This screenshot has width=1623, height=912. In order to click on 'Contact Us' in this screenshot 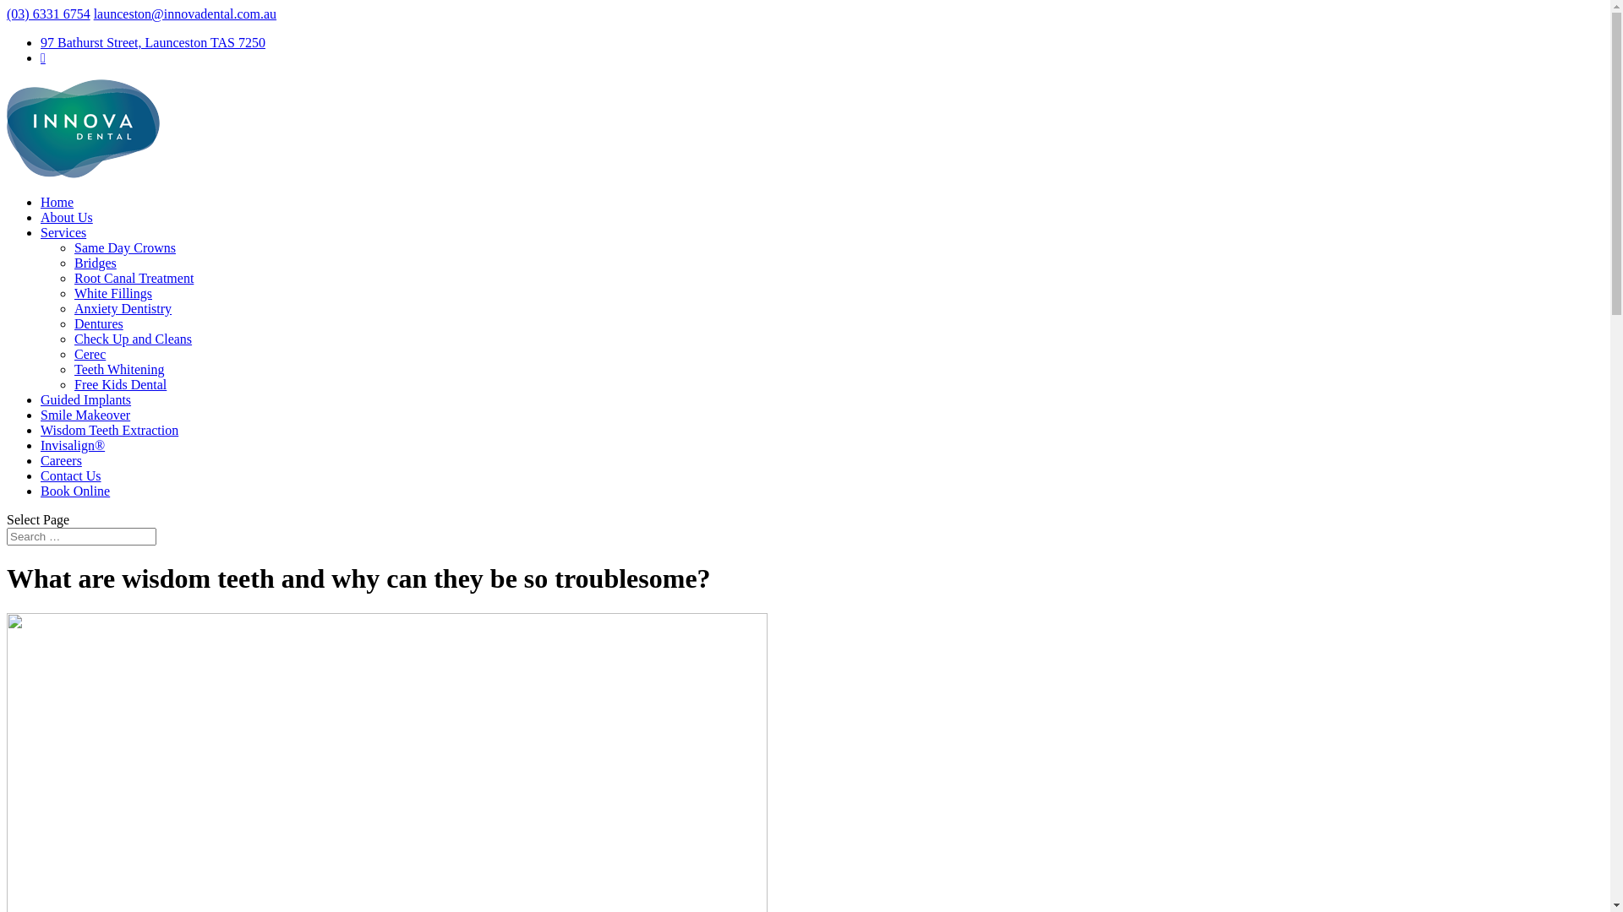, I will do `click(41, 475)`.